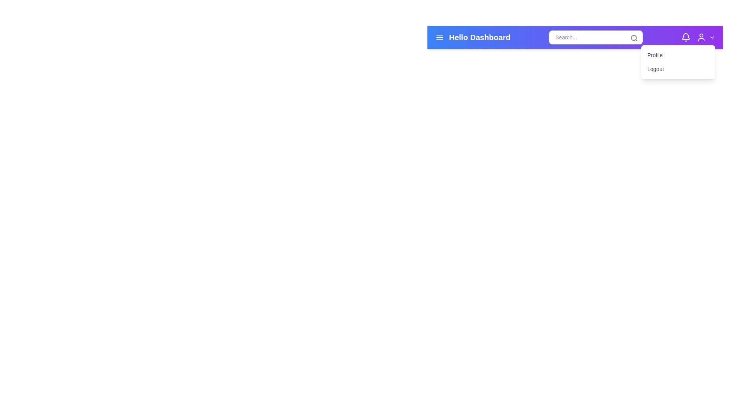 The image size is (742, 417). I want to click on the Text Button located below the 'Profile' item in the top right dropdown menu to log out of the application, so click(655, 68).